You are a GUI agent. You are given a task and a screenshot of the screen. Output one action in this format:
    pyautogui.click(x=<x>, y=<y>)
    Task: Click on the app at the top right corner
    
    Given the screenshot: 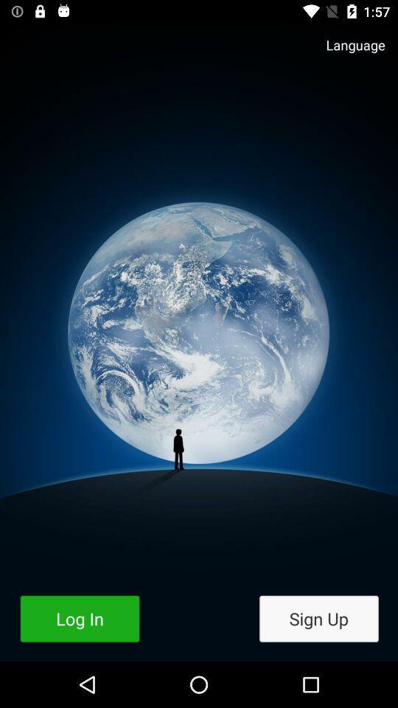 What is the action you would take?
    pyautogui.click(x=348, y=52)
    